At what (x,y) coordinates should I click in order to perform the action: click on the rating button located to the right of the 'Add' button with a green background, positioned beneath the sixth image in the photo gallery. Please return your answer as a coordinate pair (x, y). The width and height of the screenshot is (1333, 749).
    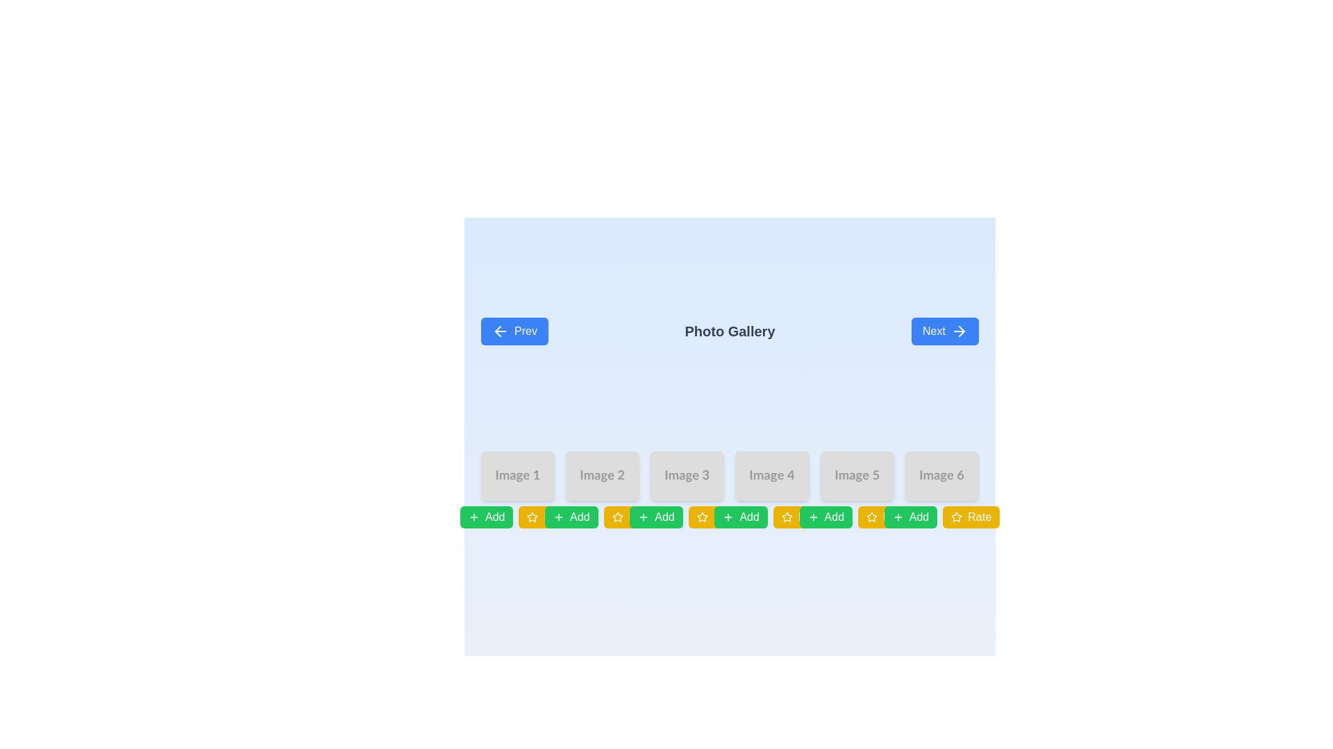
    Looking at the image, I should click on (941, 517).